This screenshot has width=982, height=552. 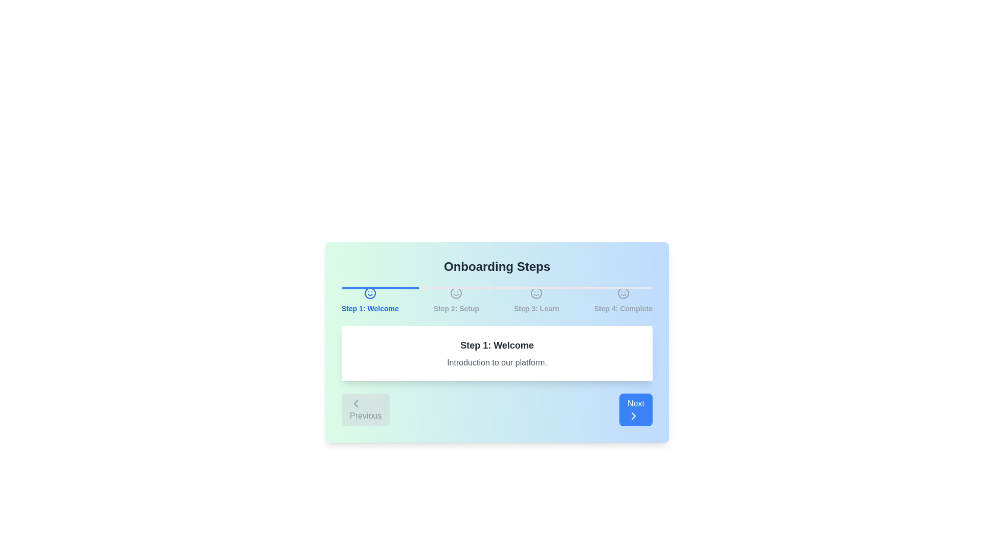 What do you see at coordinates (635, 409) in the screenshot?
I see `the rectangular button with a blue background and white text 'Next', located at the bottom-right corner of the navigation section, to observe a visual state change` at bounding box center [635, 409].